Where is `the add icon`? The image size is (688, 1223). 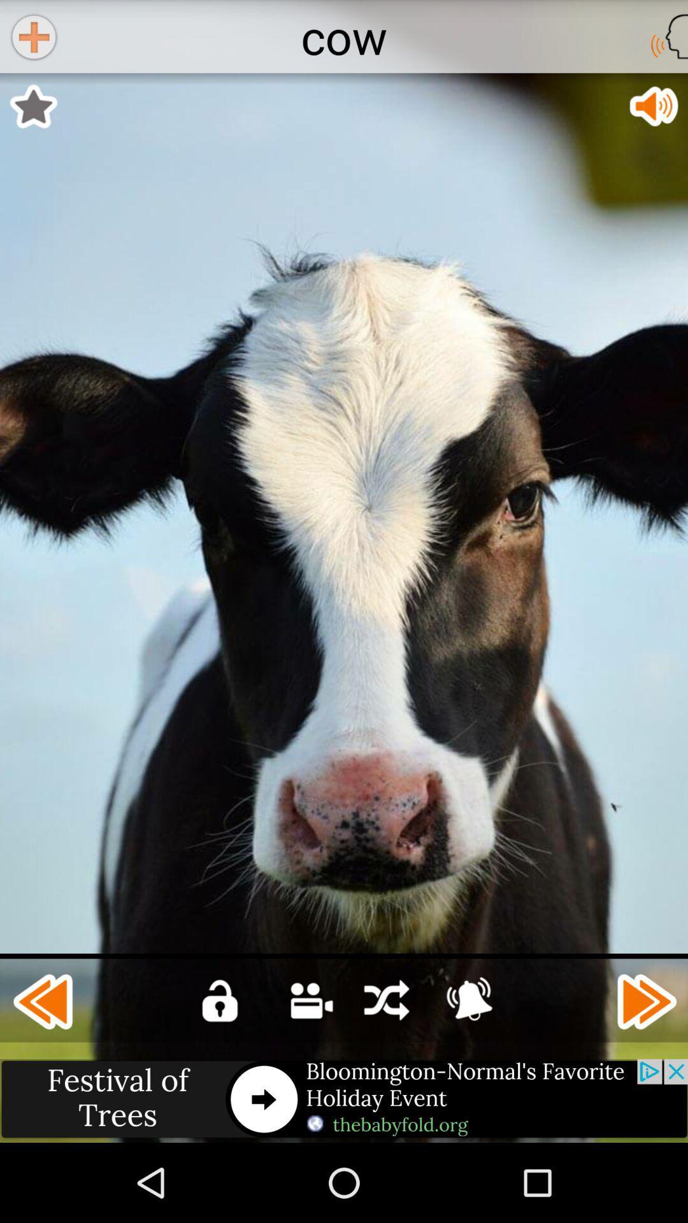
the add icon is located at coordinates (32, 39).